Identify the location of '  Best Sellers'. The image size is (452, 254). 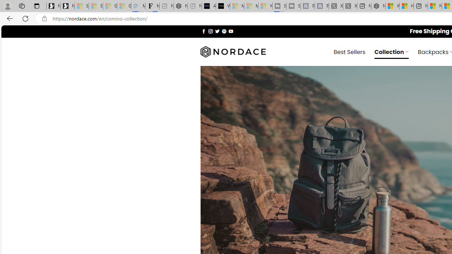
(350, 51).